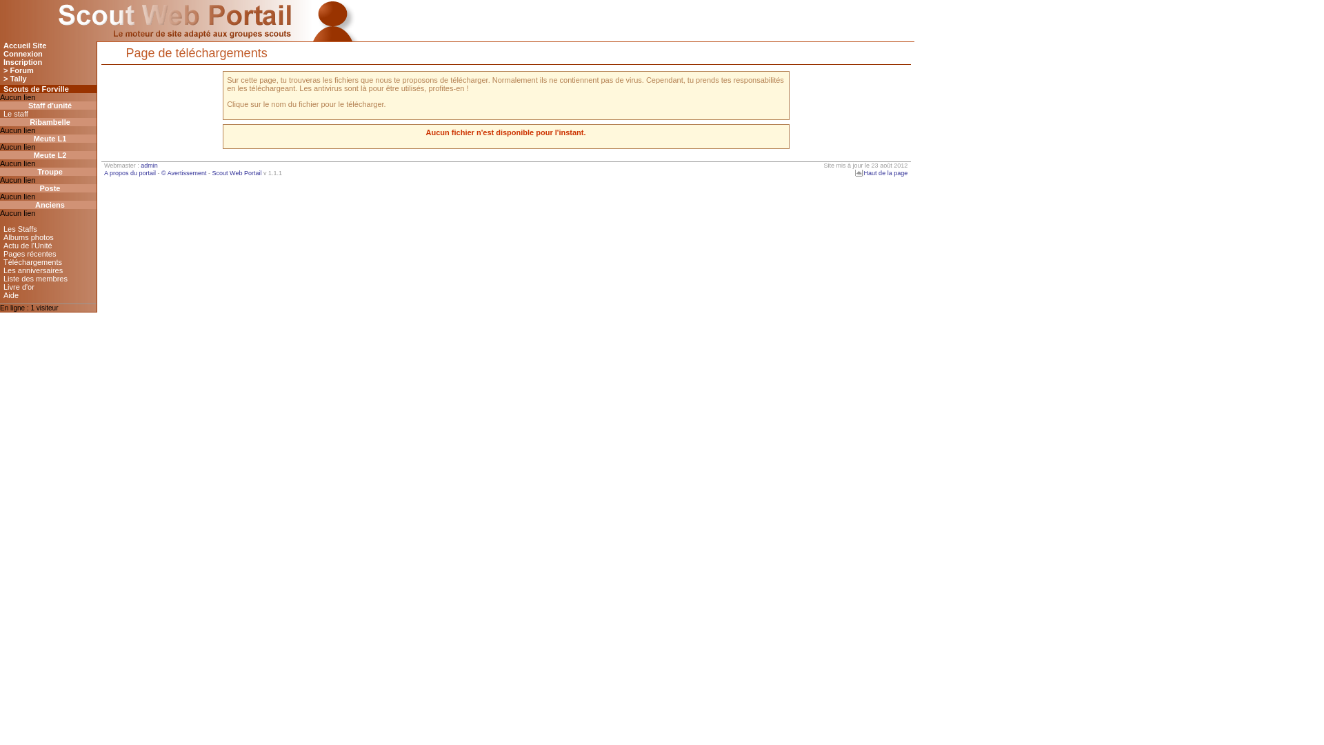 The image size is (1324, 745). Describe the element at coordinates (48, 279) in the screenshot. I see `'Liste des membres'` at that location.